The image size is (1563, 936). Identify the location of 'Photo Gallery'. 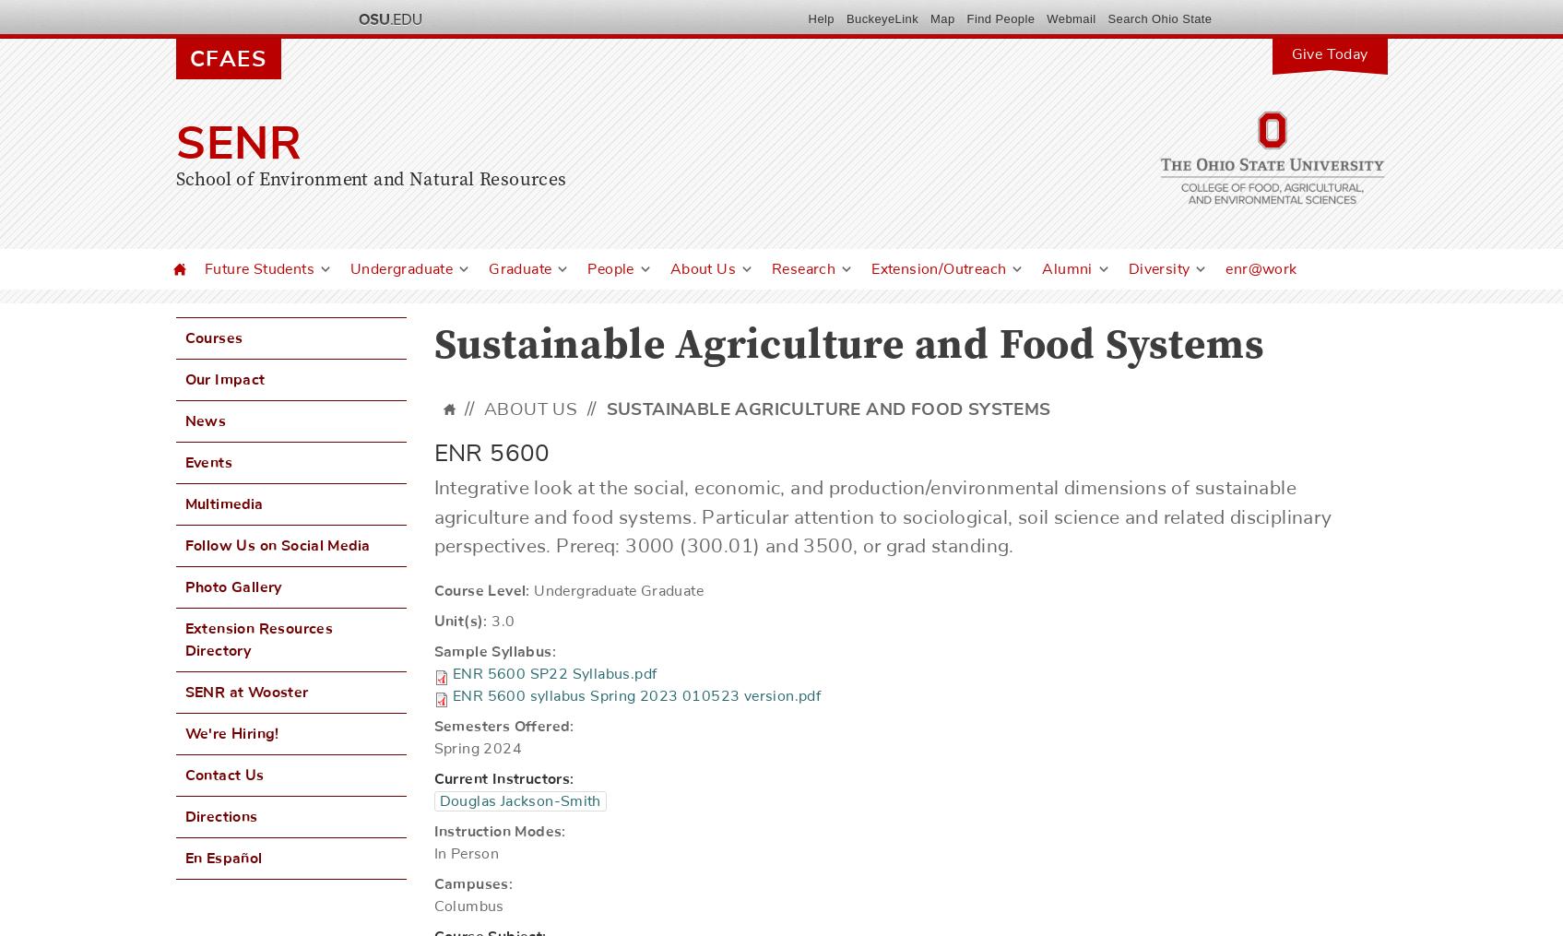
(231, 586).